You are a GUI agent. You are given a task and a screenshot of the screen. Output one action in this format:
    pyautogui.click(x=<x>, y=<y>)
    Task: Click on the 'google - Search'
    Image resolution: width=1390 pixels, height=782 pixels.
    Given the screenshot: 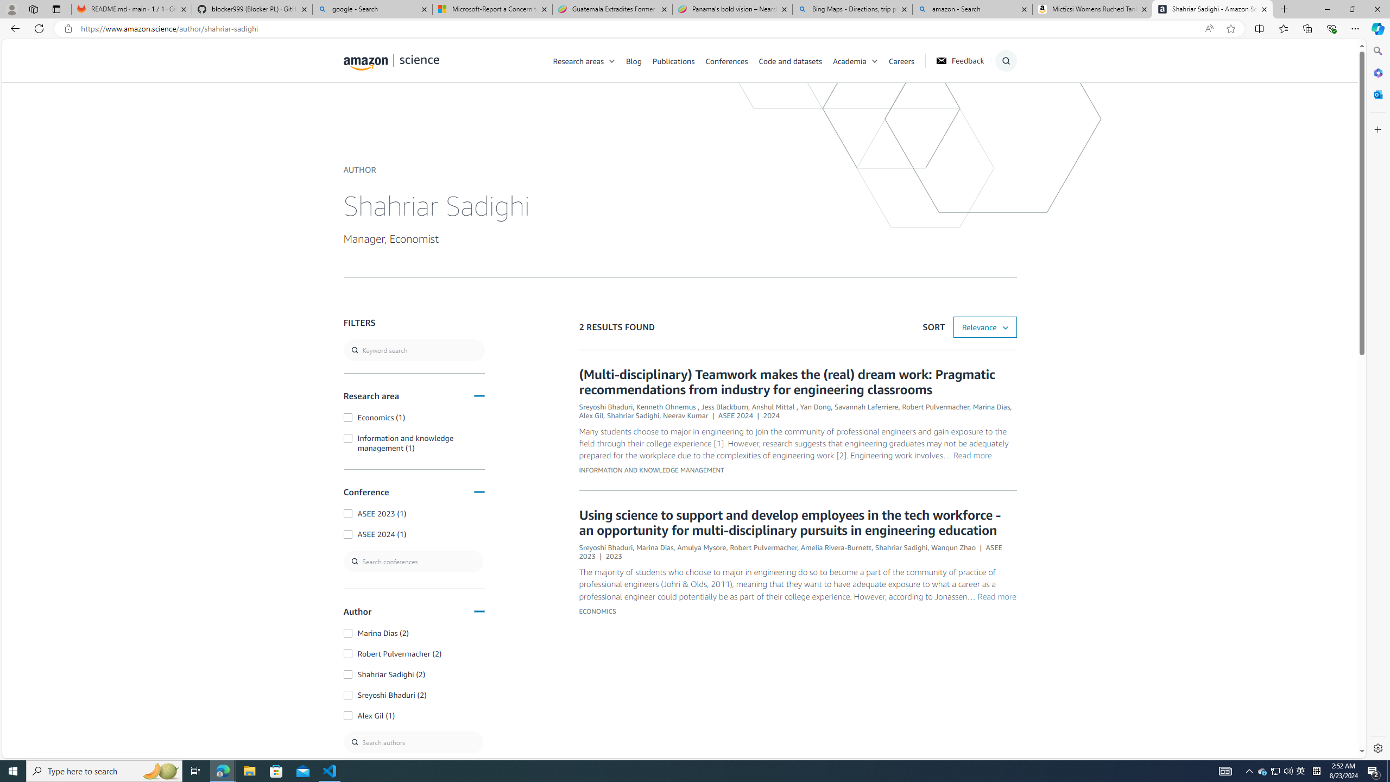 What is the action you would take?
    pyautogui.click(x=371, y=9)
    